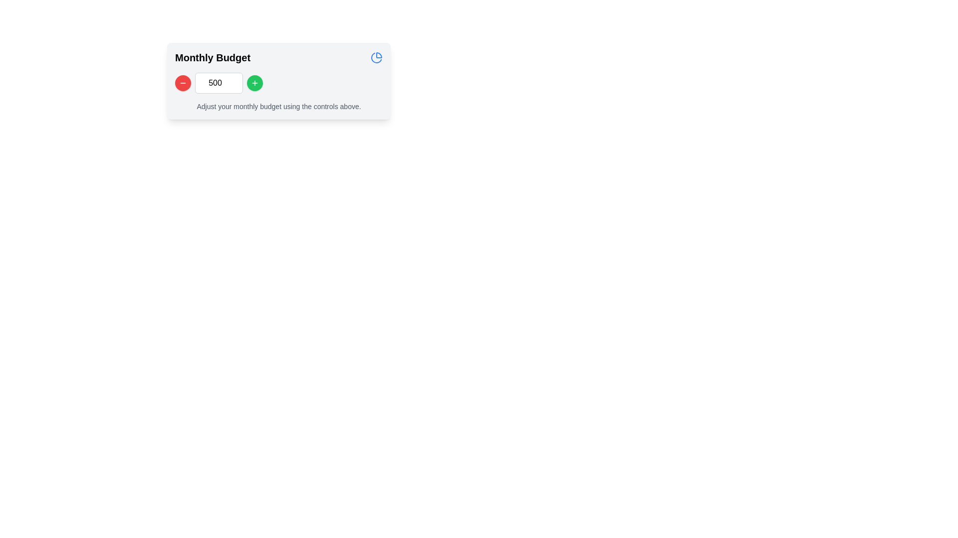 The height and width of the screenshot is (538, 958). Describe the element at coordinates (376, 57) in the screenshot. I see `the budget visualization icon located to the right of the 'Monthly Budget' text` at that location.